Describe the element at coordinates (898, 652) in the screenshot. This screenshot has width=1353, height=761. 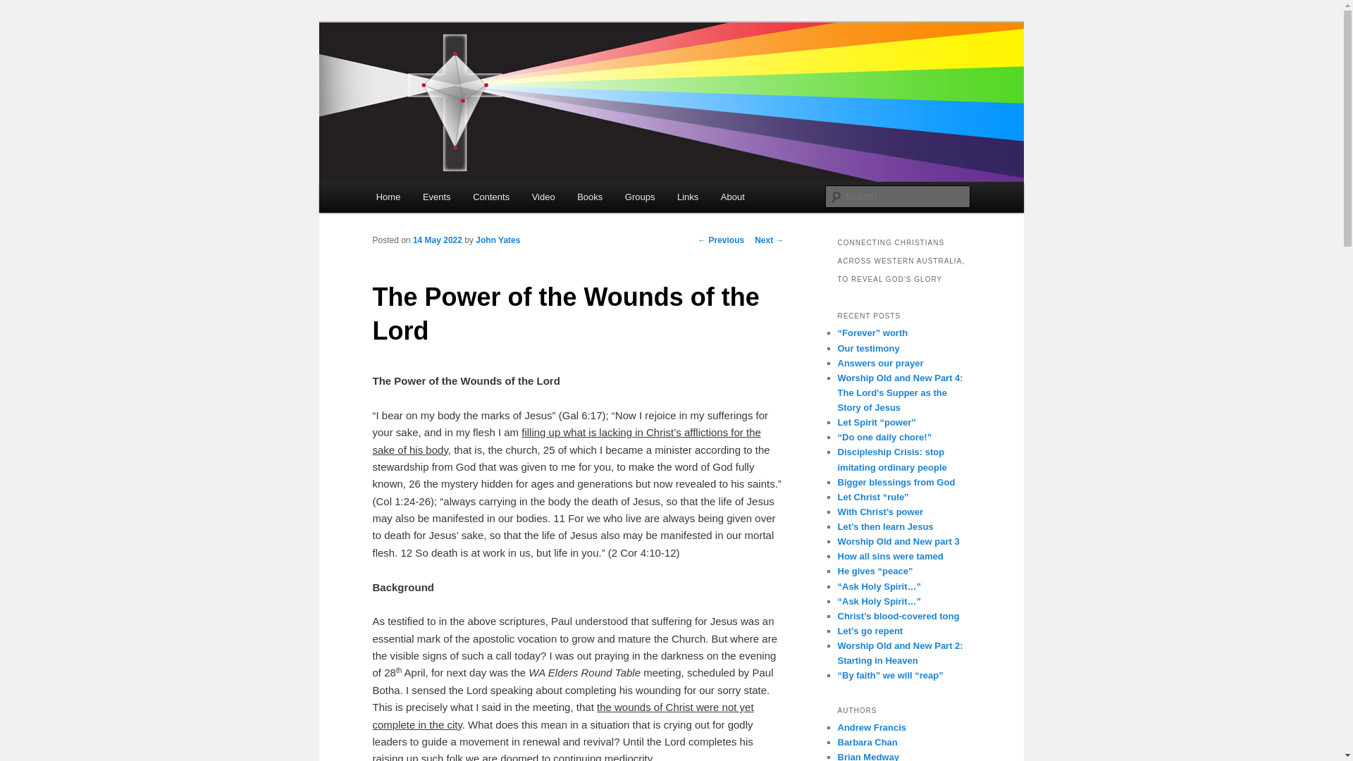
I see `'Worship Old and New Part 2: Starting in Heaven'` at that location.